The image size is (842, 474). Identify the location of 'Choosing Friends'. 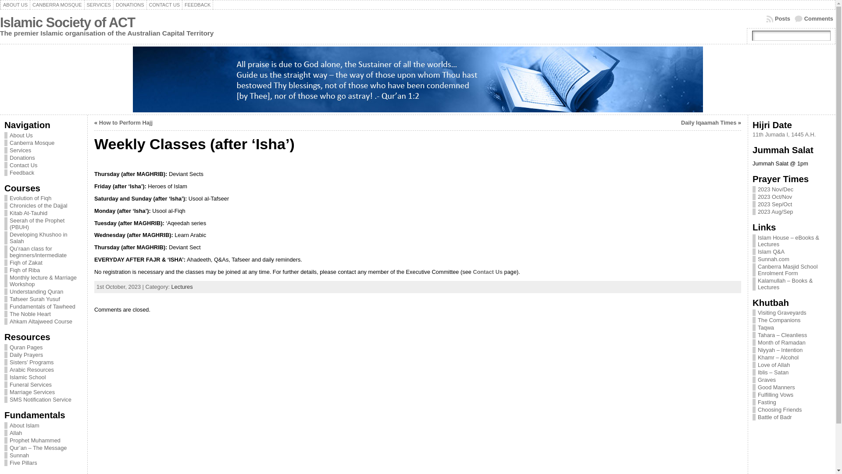
(779, 409).